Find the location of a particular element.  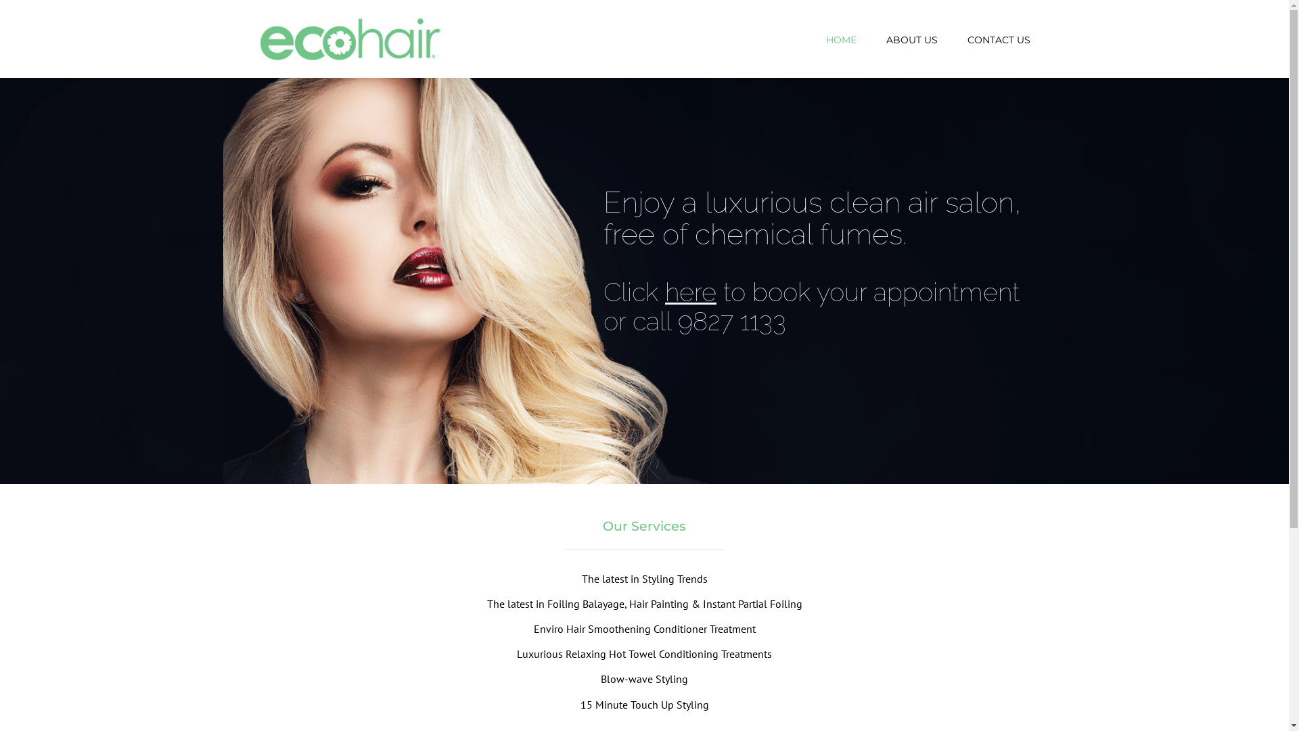

'HOME' is located at coordinates (840, 39).